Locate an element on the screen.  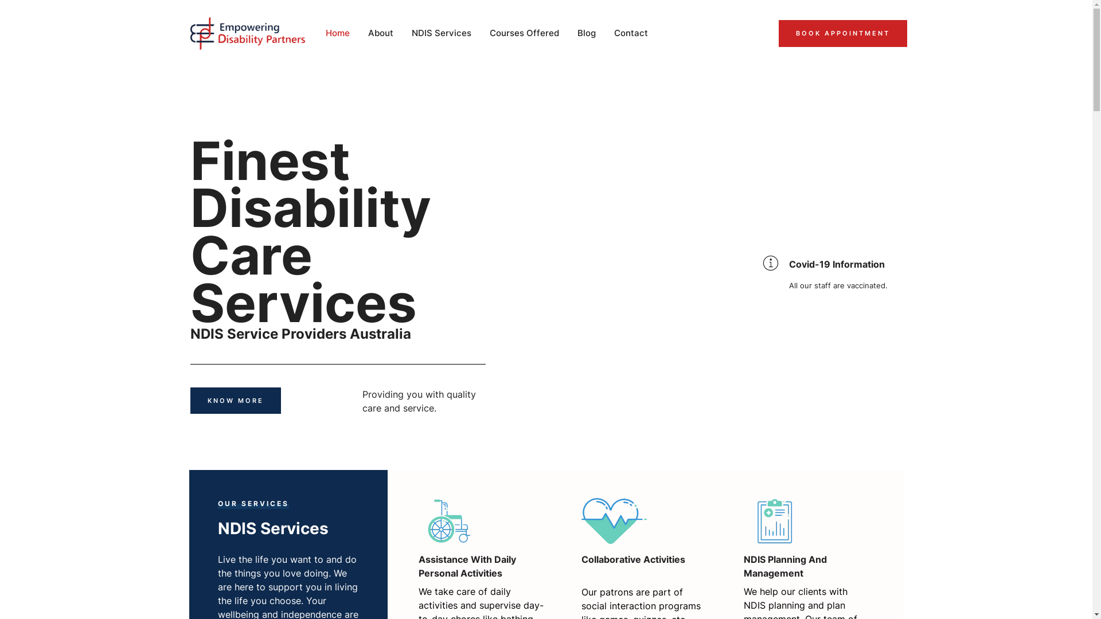
'Blog' is located at coordinates (588, 33).